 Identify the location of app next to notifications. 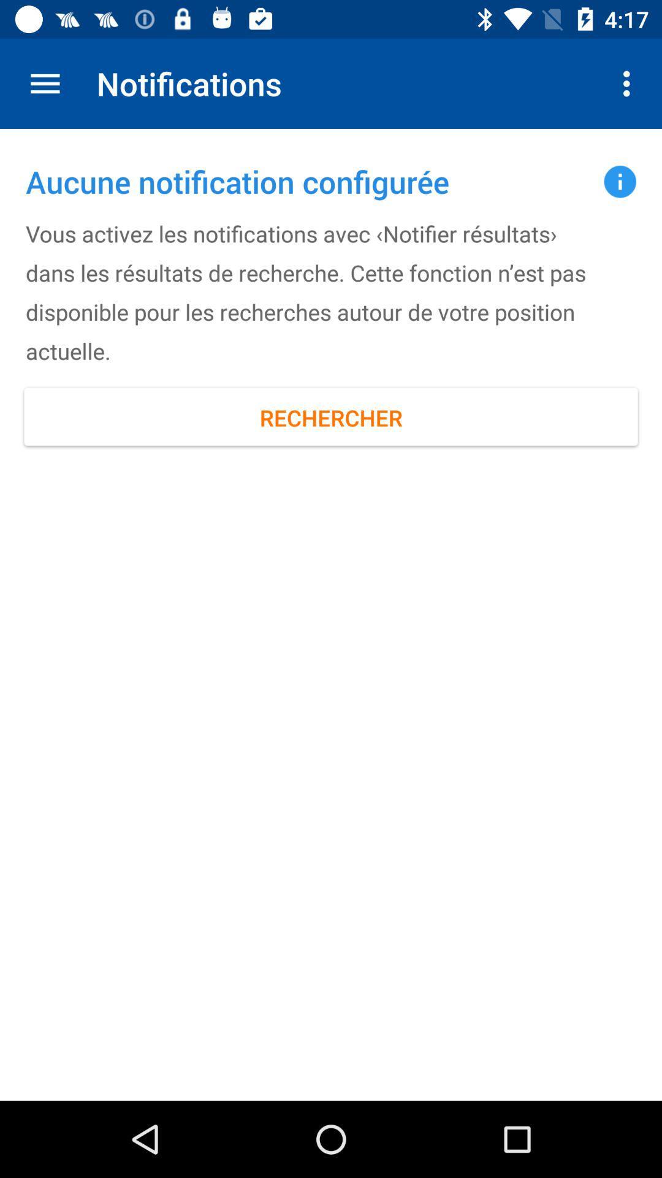
(44, 83).